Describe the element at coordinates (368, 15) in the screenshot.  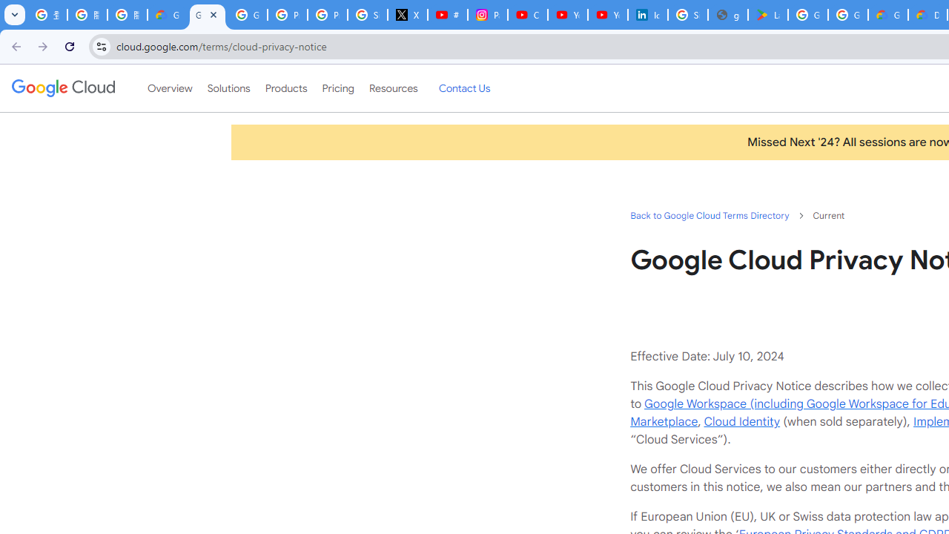
I see `'Sign in - Google Accounts'` at that location.